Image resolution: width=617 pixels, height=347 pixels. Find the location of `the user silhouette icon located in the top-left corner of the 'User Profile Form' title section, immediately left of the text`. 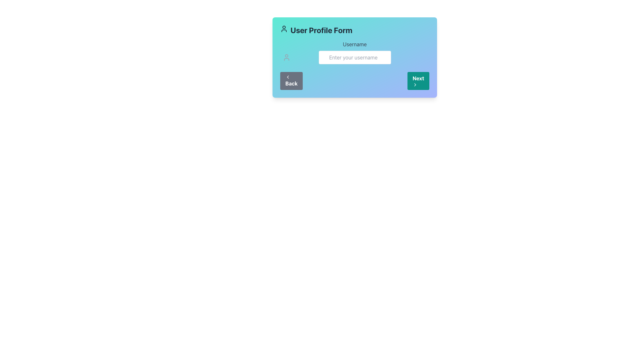

the user silhouette icon located in the top-left corner of the 'User Profile Form' title section, immediately left of the text is located at coordinates (283, 28).